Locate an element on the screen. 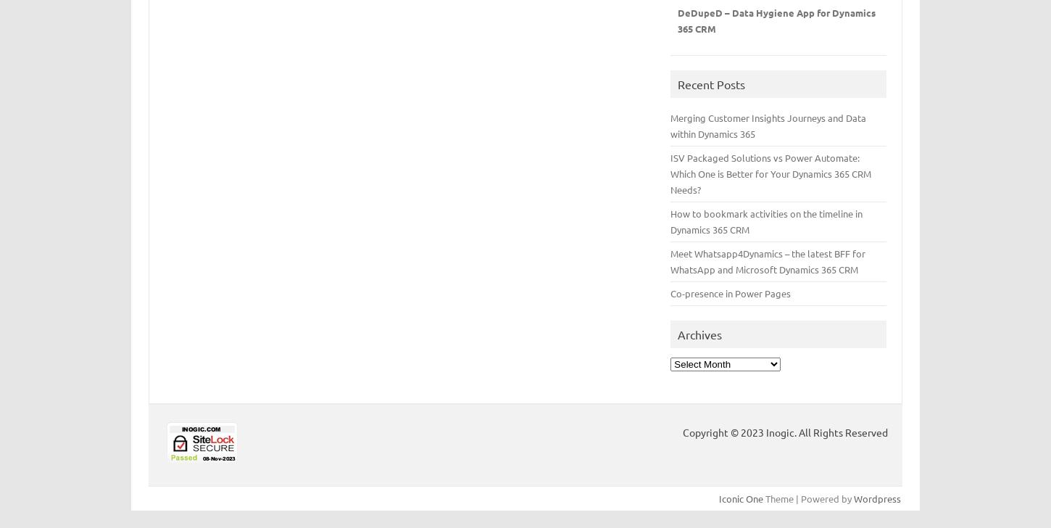 The image size is (1051, 528). 'Recent Posts' is located at coordinates (711, 83).